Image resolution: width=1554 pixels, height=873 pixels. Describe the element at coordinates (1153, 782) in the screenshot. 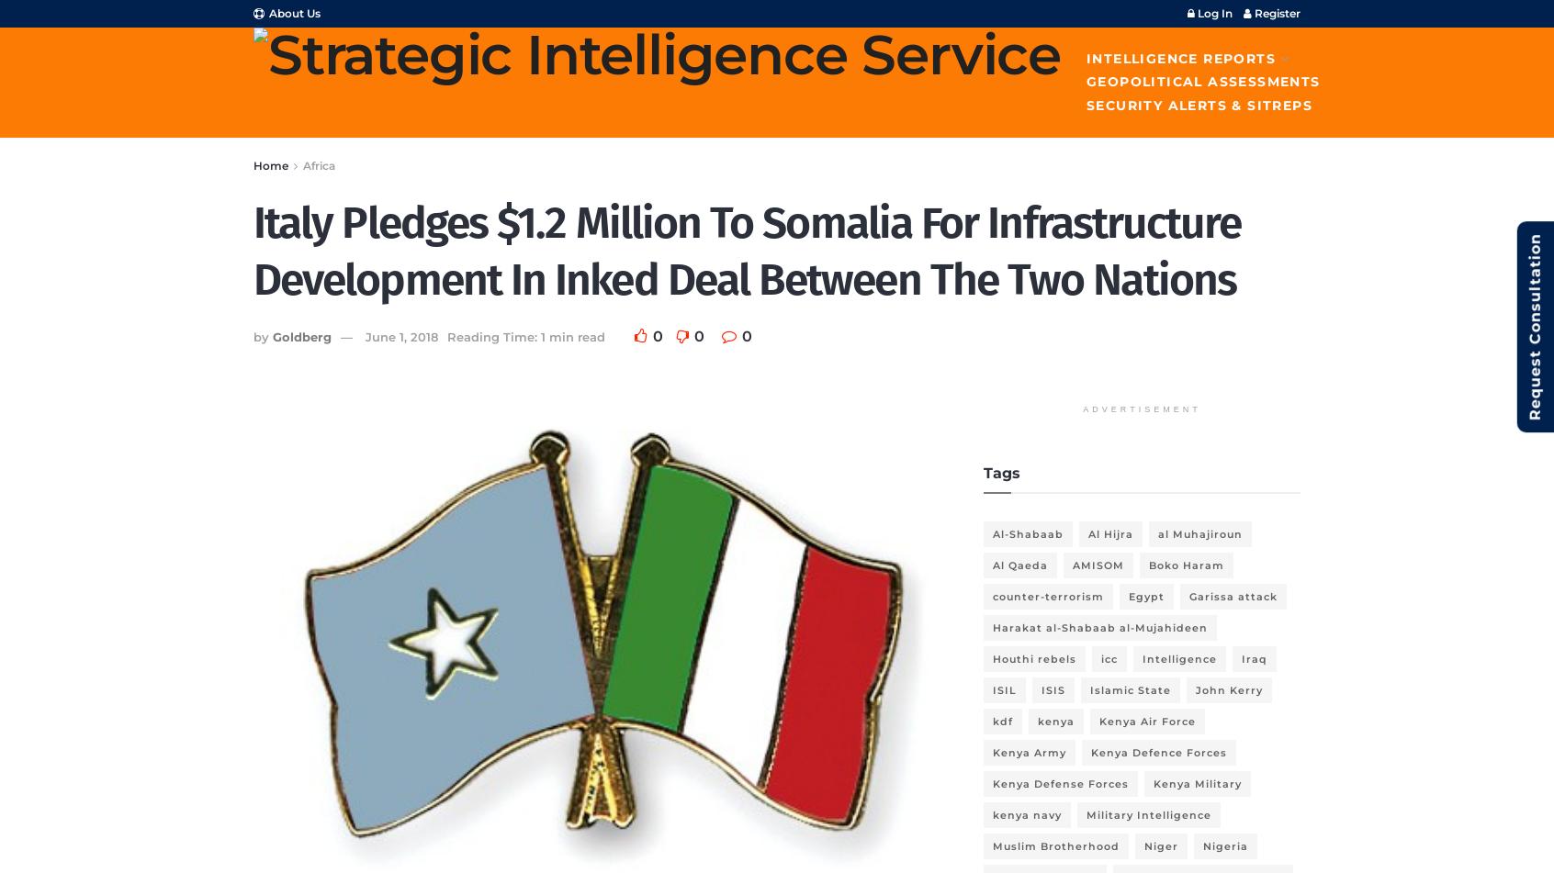

I see `'Kenya Military'` at that location.